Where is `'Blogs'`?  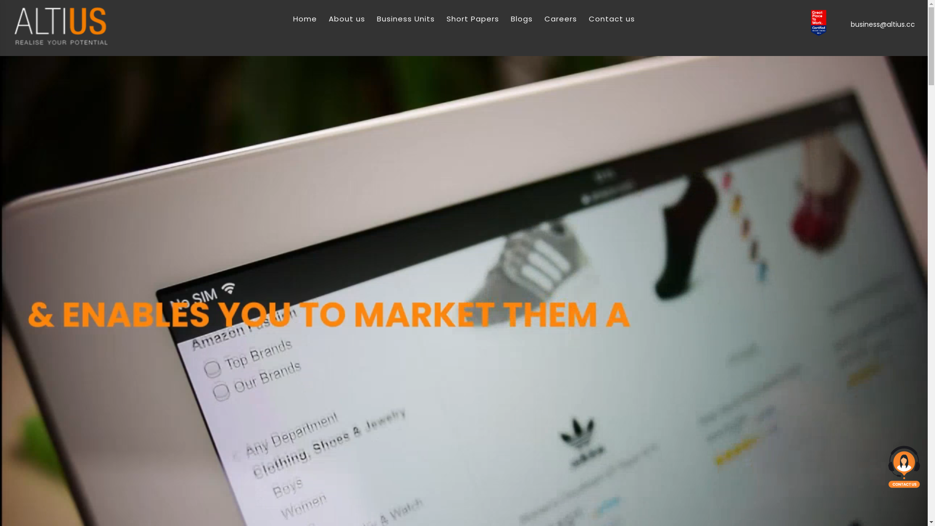 'Blogs' is located at coordinates (521, 19).